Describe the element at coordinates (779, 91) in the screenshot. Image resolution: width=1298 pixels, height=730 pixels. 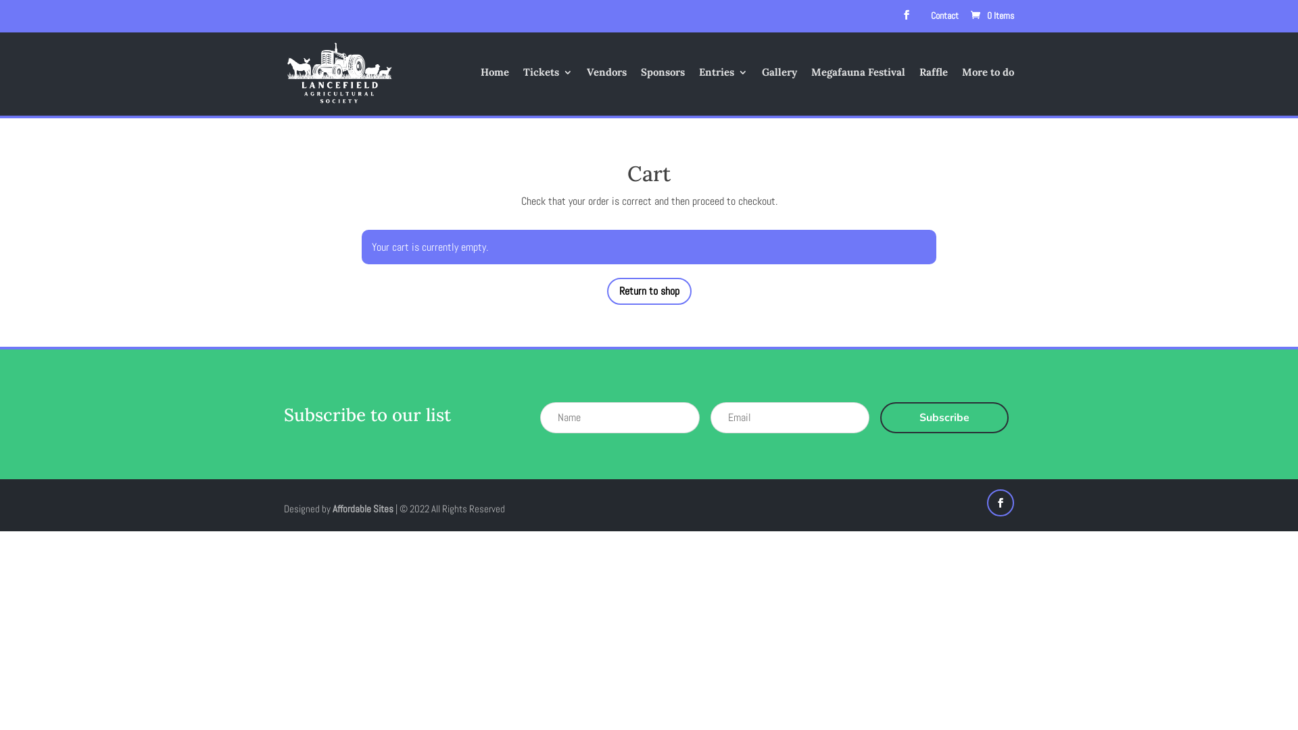
I see `'Gallery'` at that location.